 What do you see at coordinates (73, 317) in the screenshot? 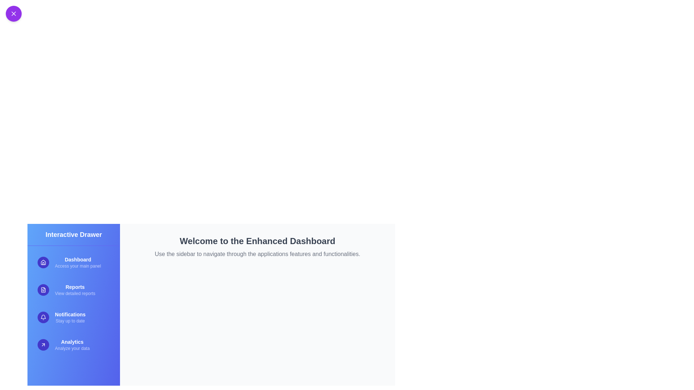
I see `the menu item Notifications from the sidebar to navigate` at bounding box center [73, 317].